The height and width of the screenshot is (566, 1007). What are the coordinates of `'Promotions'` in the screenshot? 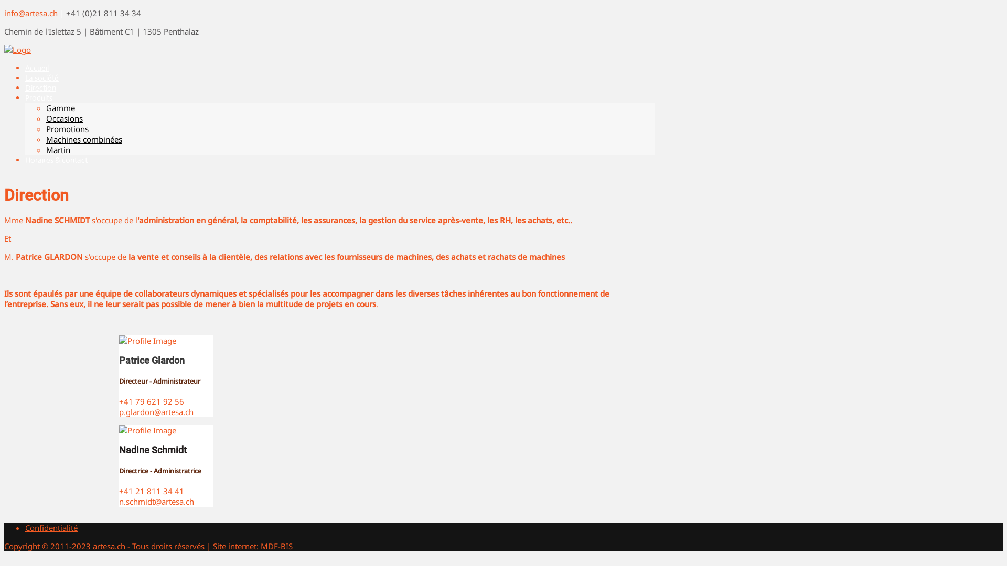 It's located at (67, 128).